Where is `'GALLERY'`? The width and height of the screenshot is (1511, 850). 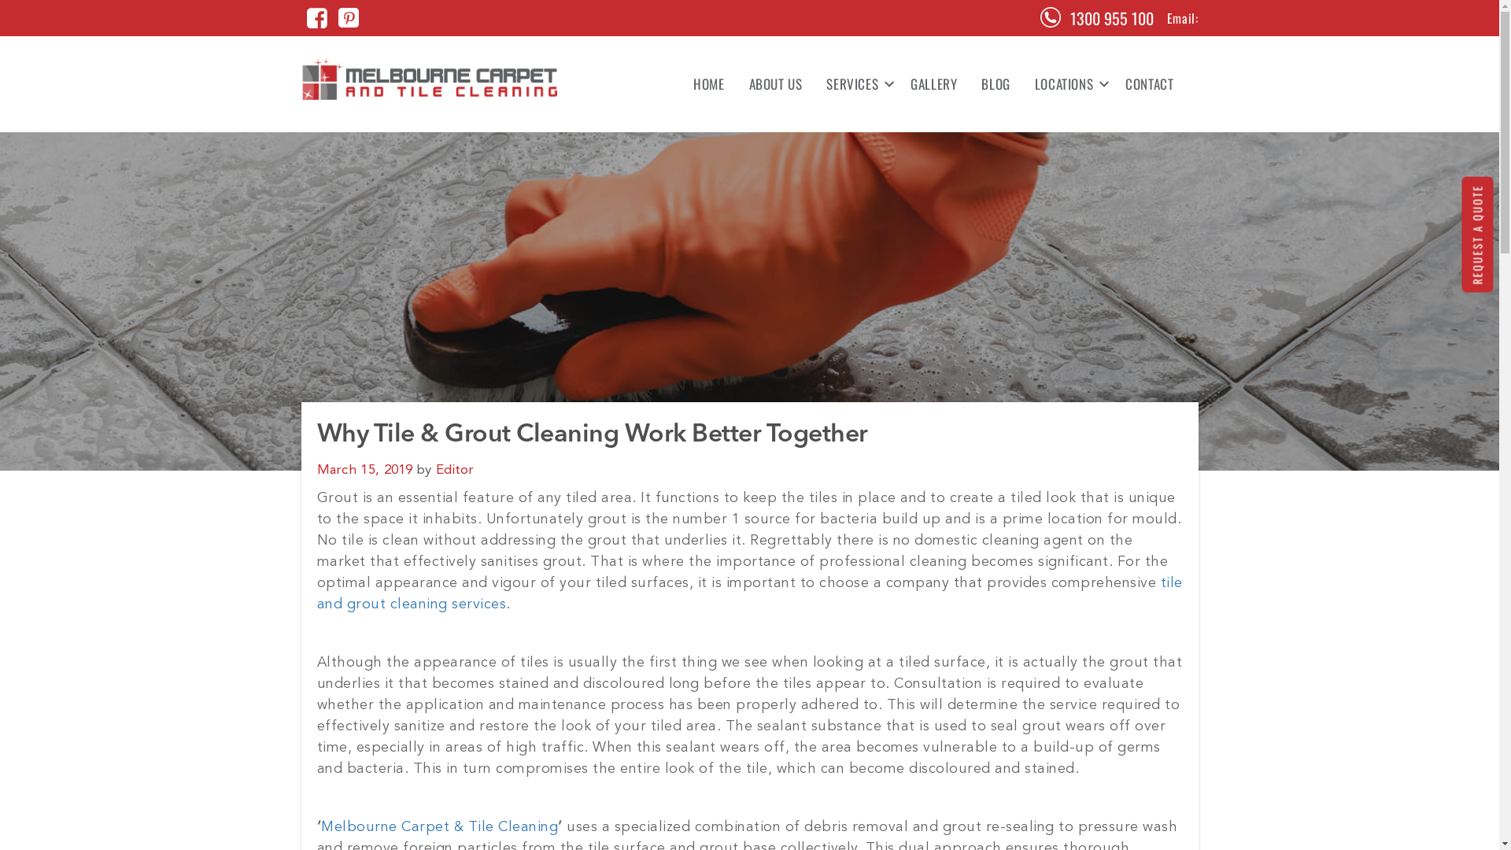 'GALLERY' is located at coordinates (933, 84).